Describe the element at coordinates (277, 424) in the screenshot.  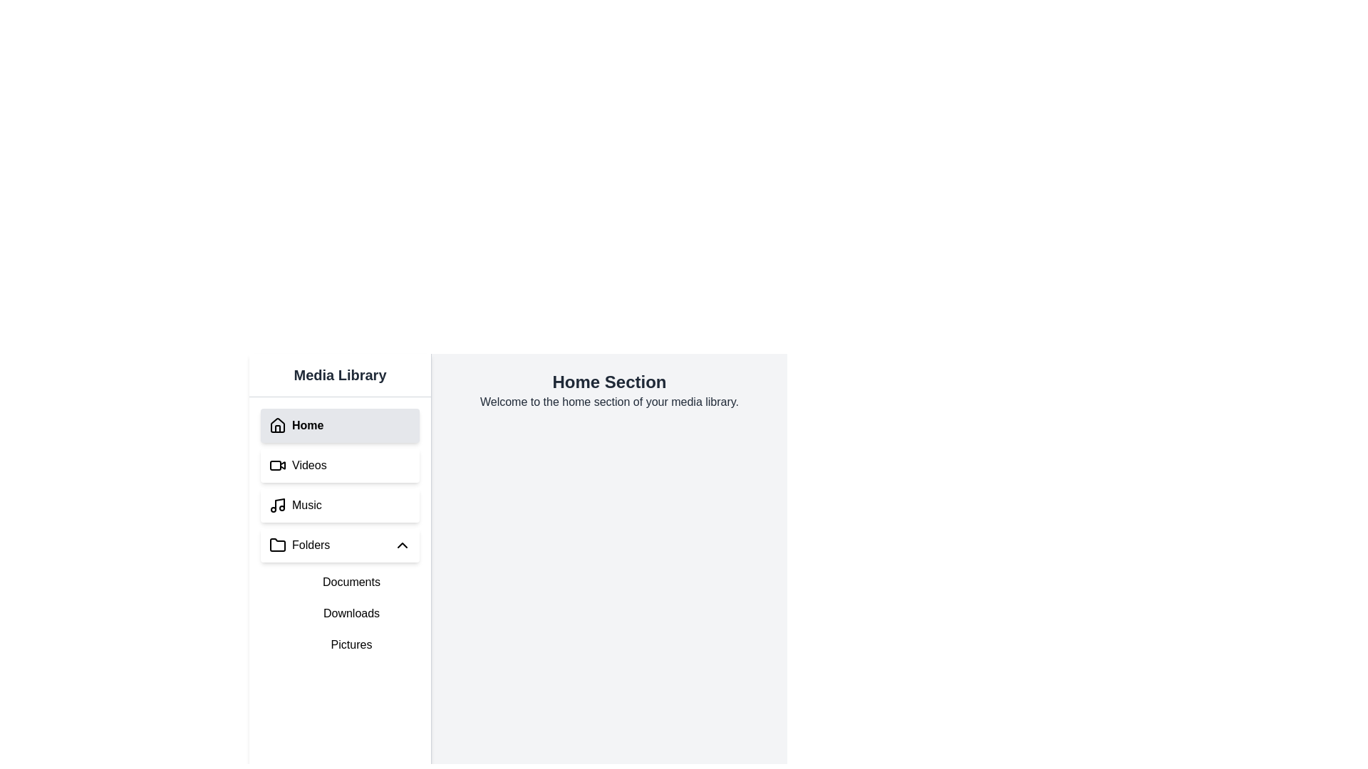
I see `the 'Home' icon in the left sidebar menu of the 'Media Library'` at that location.